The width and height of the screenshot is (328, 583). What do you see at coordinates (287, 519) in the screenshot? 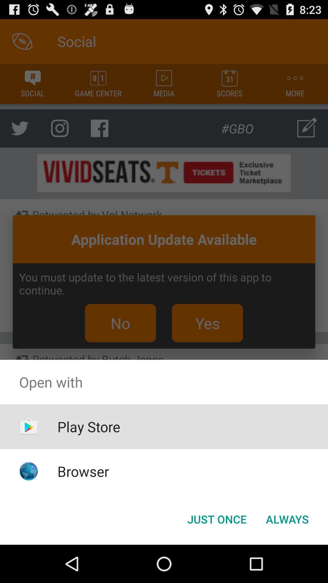
I see `the always button` at bounding box center [287, 519].